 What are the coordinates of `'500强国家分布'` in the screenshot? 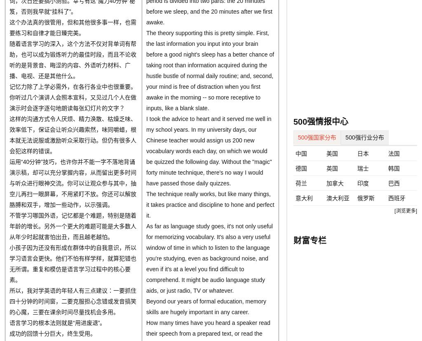 It's located at (317, 137).